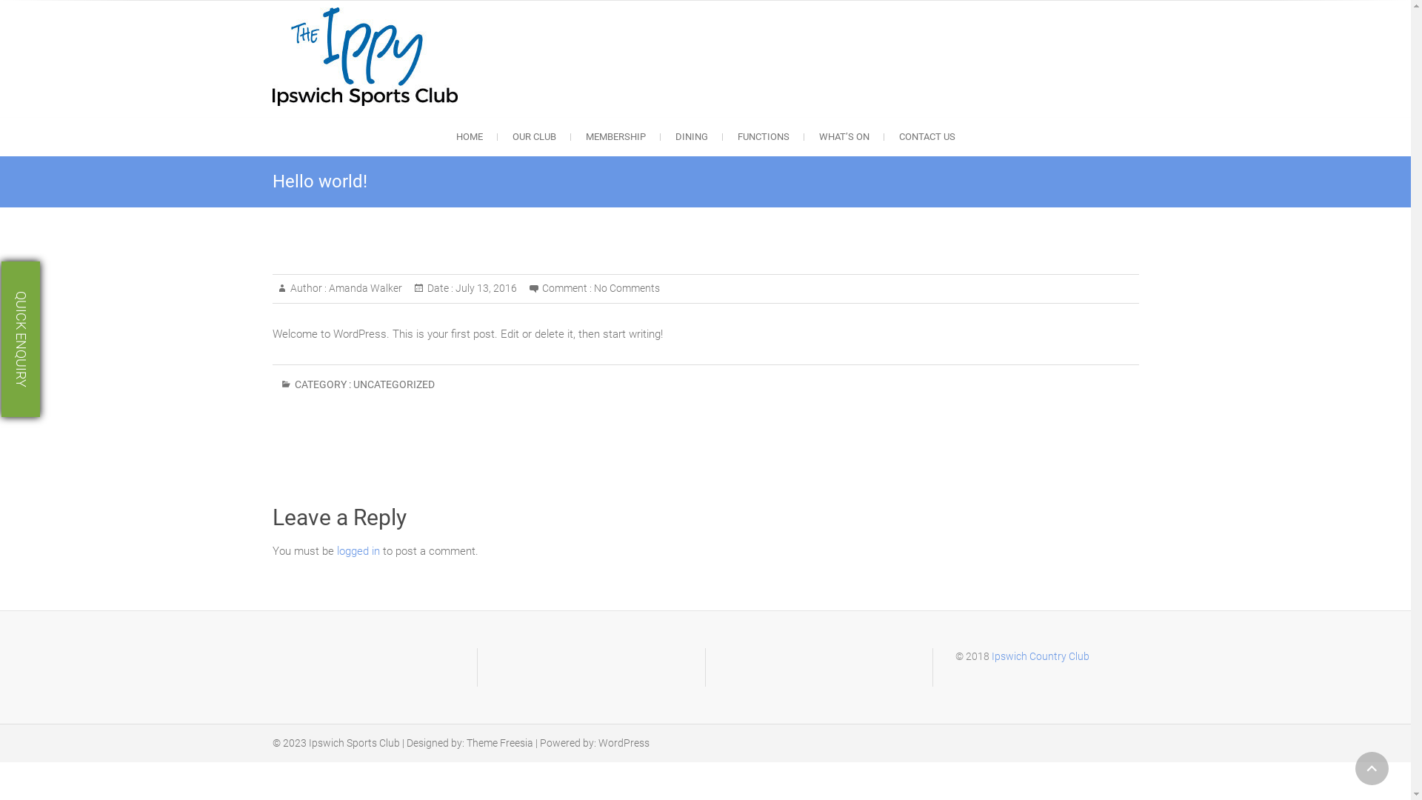 This screenshot has height=800, width=1422. Describe the element at coordinates (369, 56) in the screenshot. I see `'Ipswich Sports Club'` at that location.